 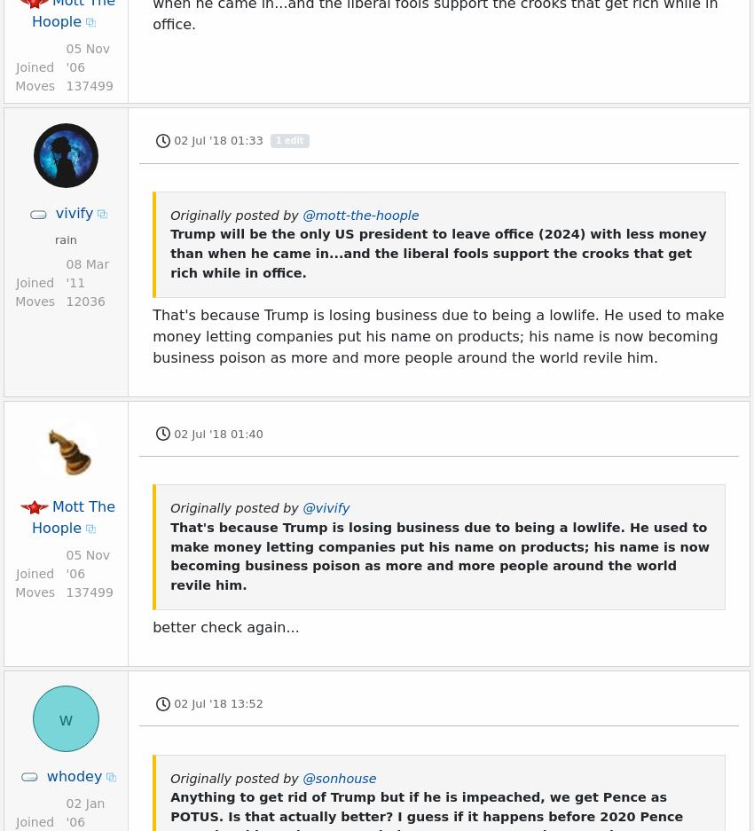 I want to click on 'Rating Tables', so click(x=163, y=41).